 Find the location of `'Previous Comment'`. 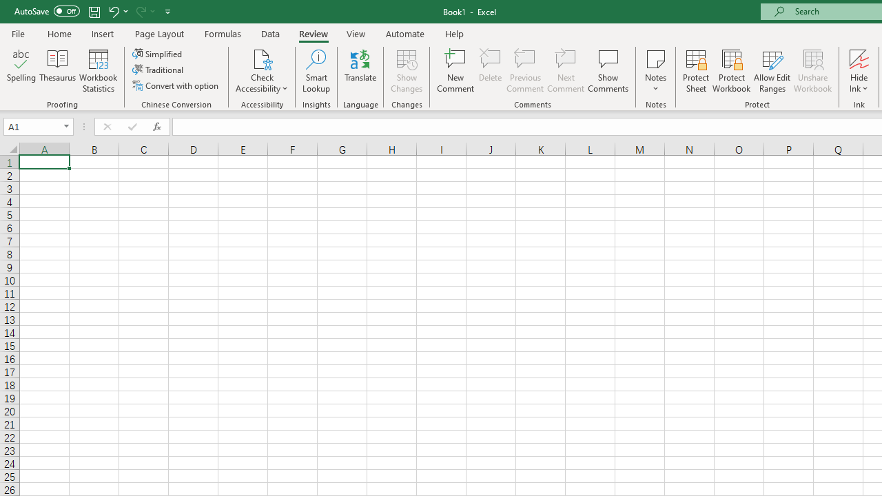

'Previous Comment' is located at coordinates (524, 71).